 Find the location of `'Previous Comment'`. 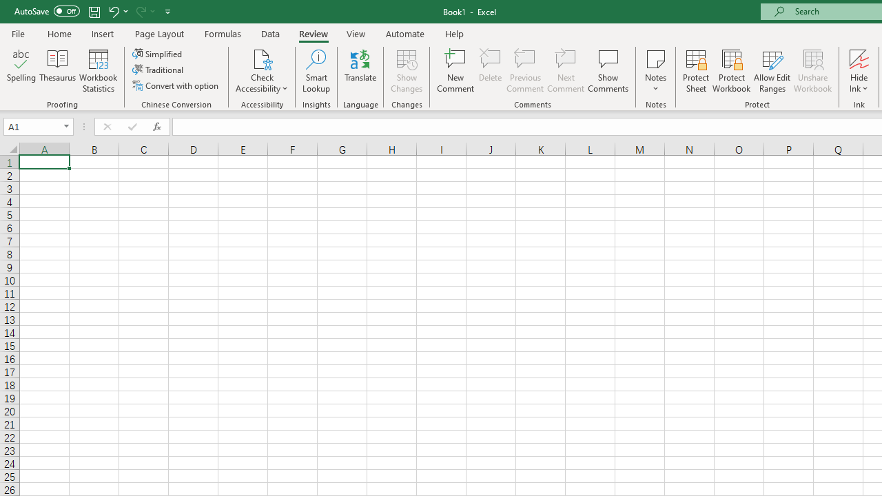

'Previous Comment' is located at coordinates (524, 71).